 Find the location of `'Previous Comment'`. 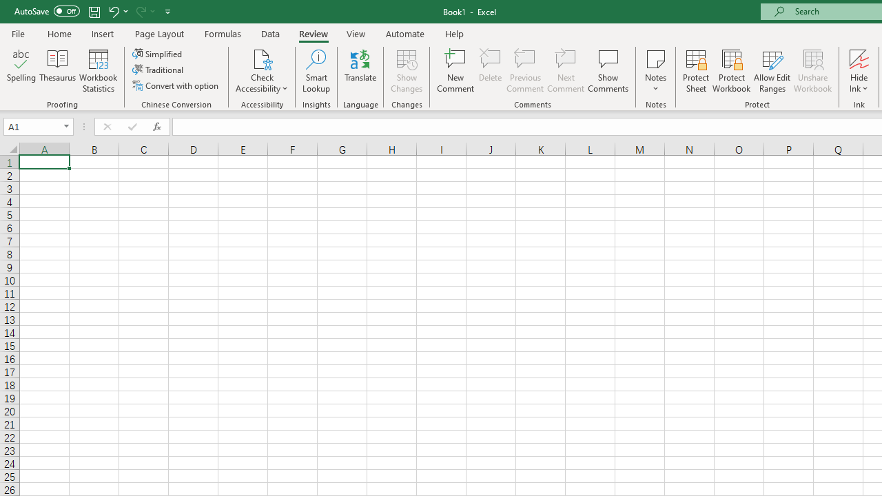

'Previous Comment' is located at coordinates (524, 71).